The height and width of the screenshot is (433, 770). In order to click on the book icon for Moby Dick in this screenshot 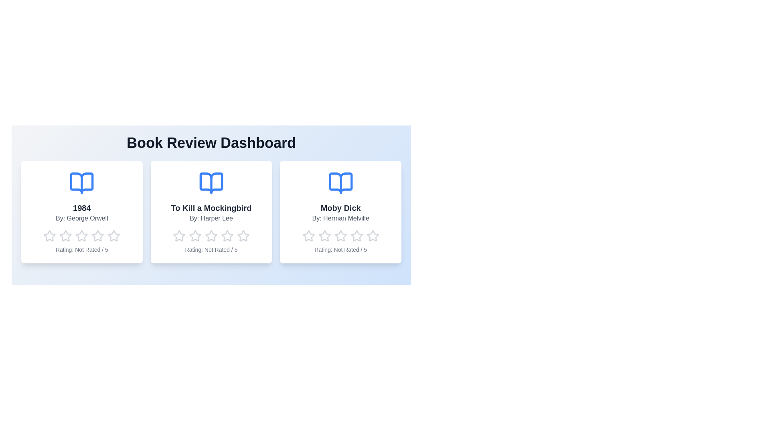, I will do `click(340, 183)`.